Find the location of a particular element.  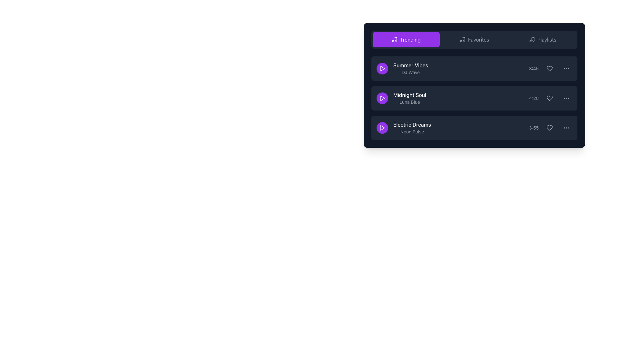

the Overflow menu button represented by three vertical dots is located at coordinates (566, 128).